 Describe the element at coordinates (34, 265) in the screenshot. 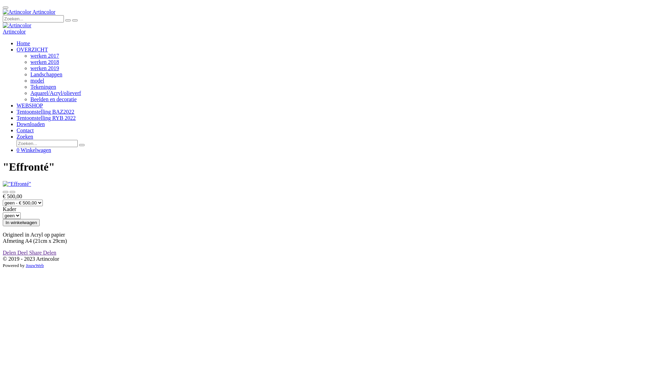

I see `'JouwWeb'` at that location.